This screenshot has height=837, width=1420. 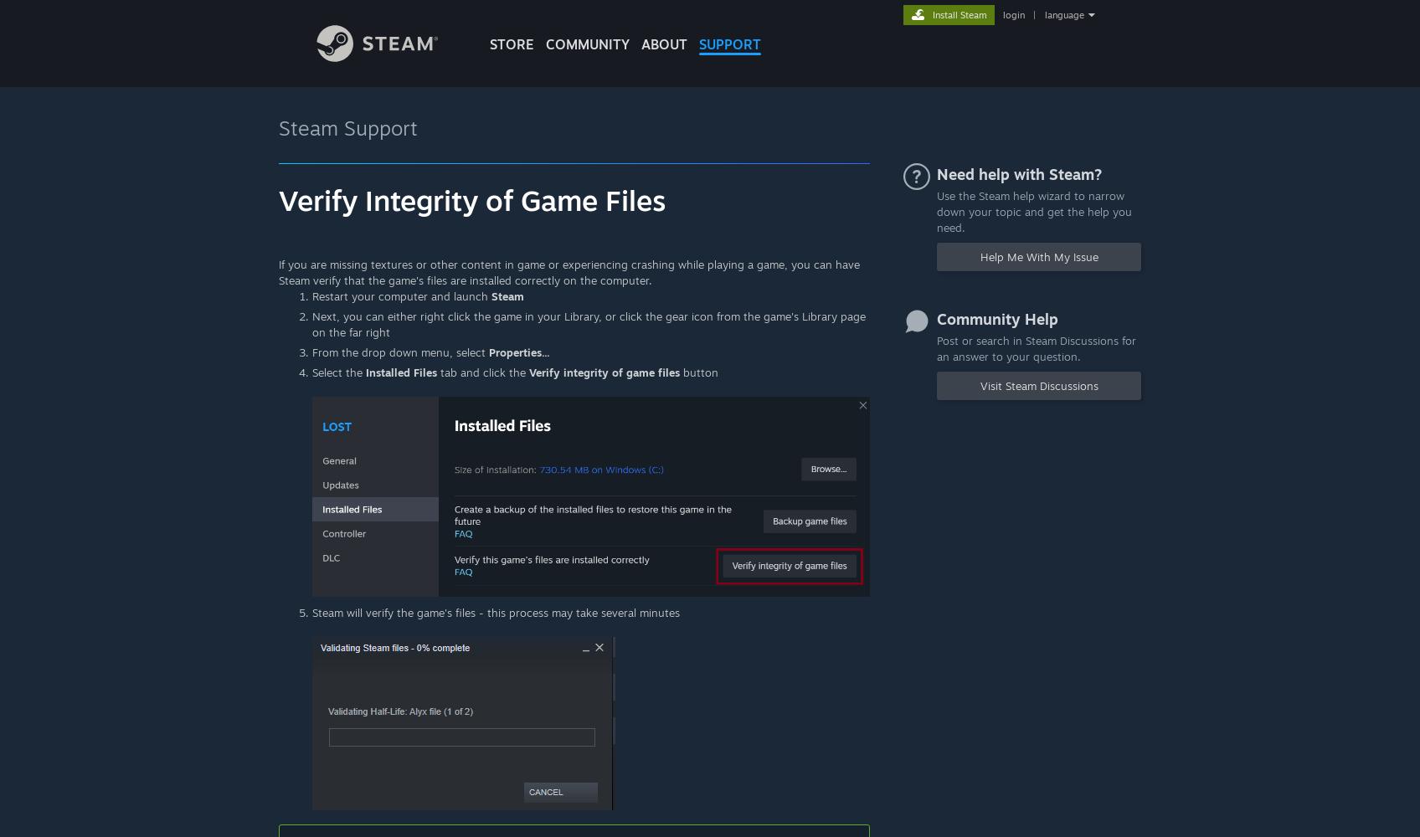 What do you see at coordinates (278, 271) in the screenshot?
I see `'If you are missing textures or other content in game or experiencing crashing while playing a game, you can have Steam verify that the game's files are installed correctly on the computer.'` at bounding box center [278, 271].